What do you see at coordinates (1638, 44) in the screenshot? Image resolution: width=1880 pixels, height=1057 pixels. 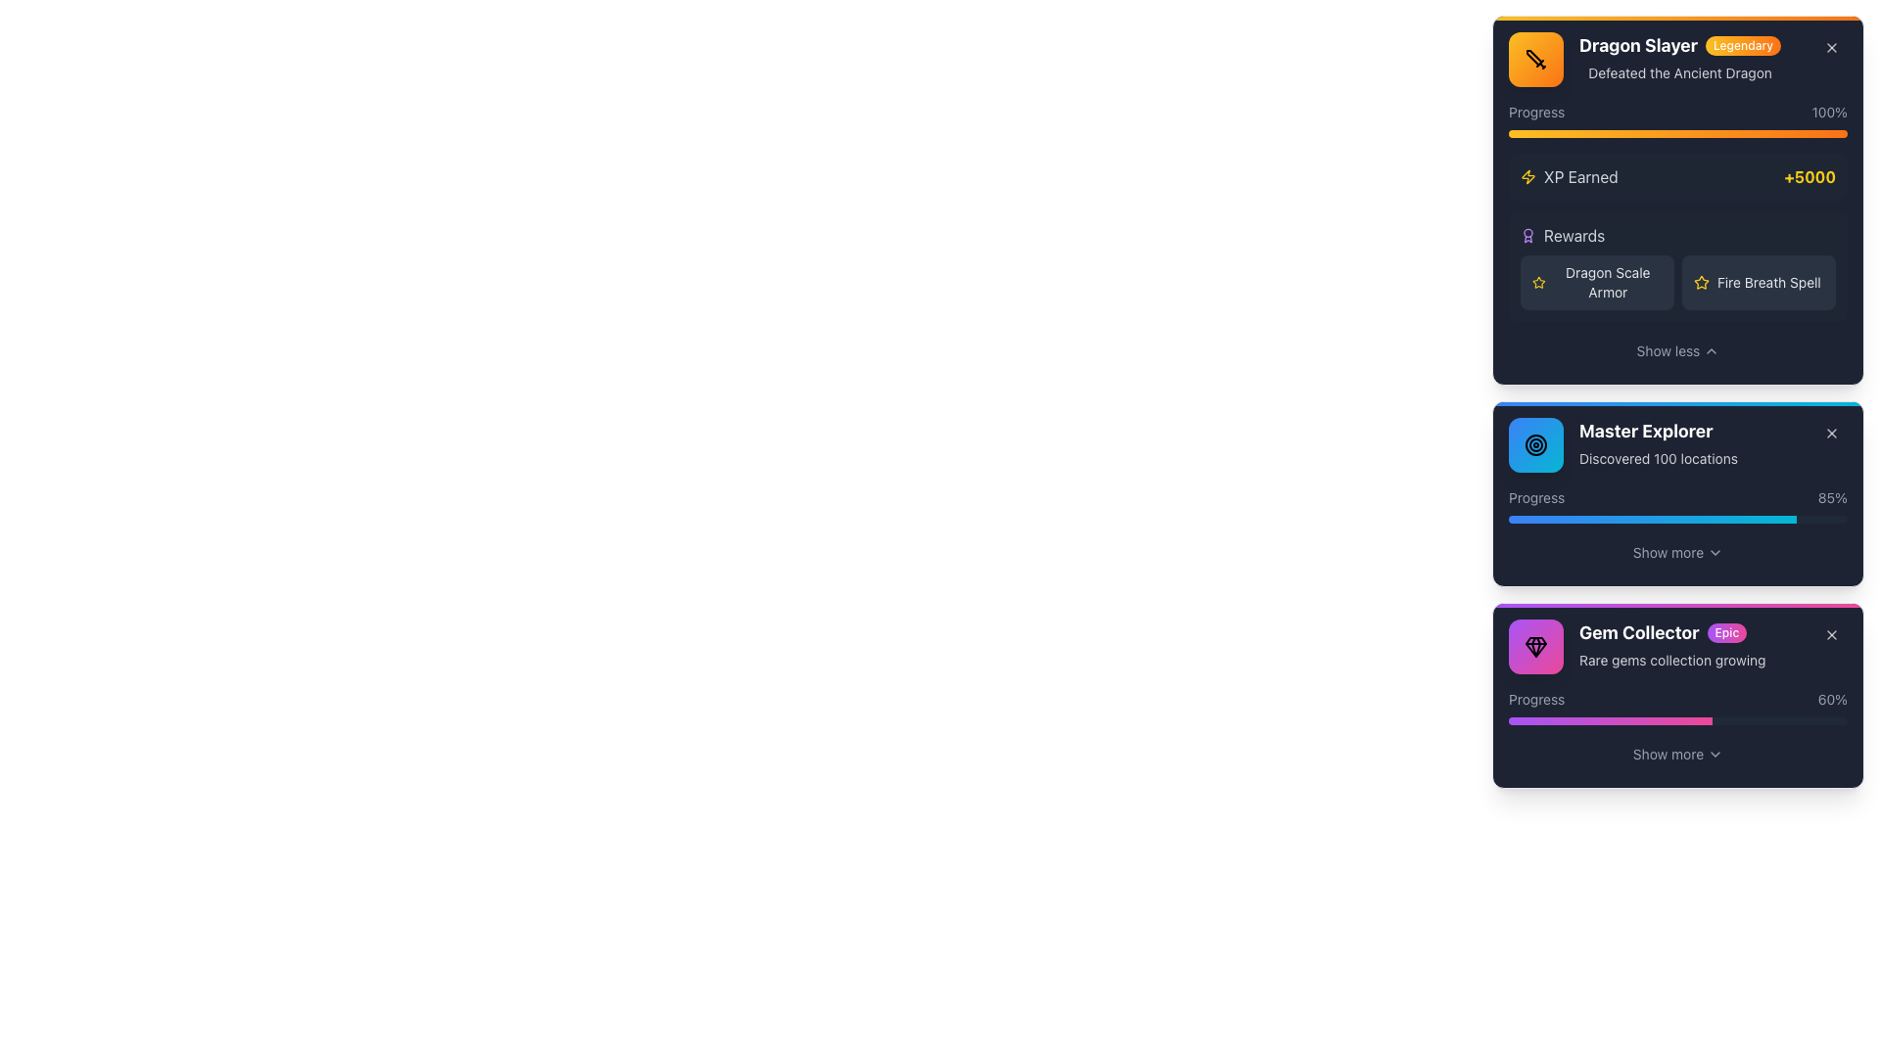 I see `the text display that serves as the title for the 'Dragon Slayer' card, positioned at the top left next to a 'Legendary' badge` at bounding box center [1638, 44].